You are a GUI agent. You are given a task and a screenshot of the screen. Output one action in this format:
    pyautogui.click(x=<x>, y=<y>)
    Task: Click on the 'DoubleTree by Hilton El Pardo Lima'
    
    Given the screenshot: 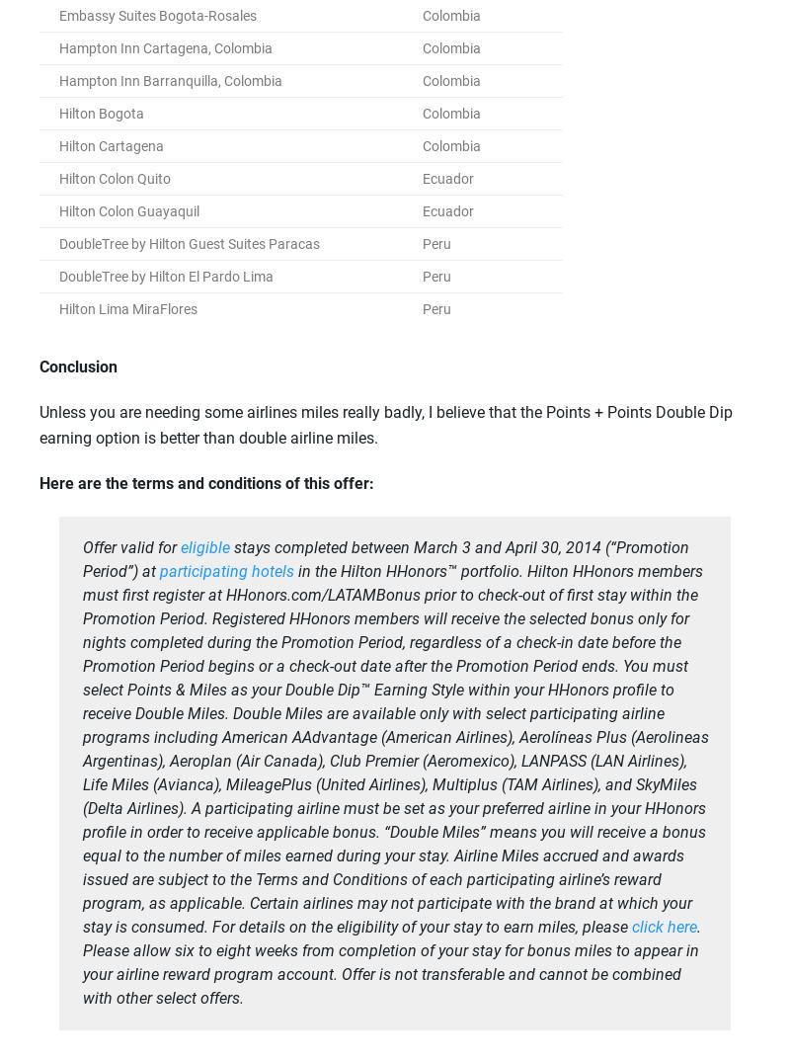 What is the action you would take?
    pyautogui.click(x=165, y=276)
    